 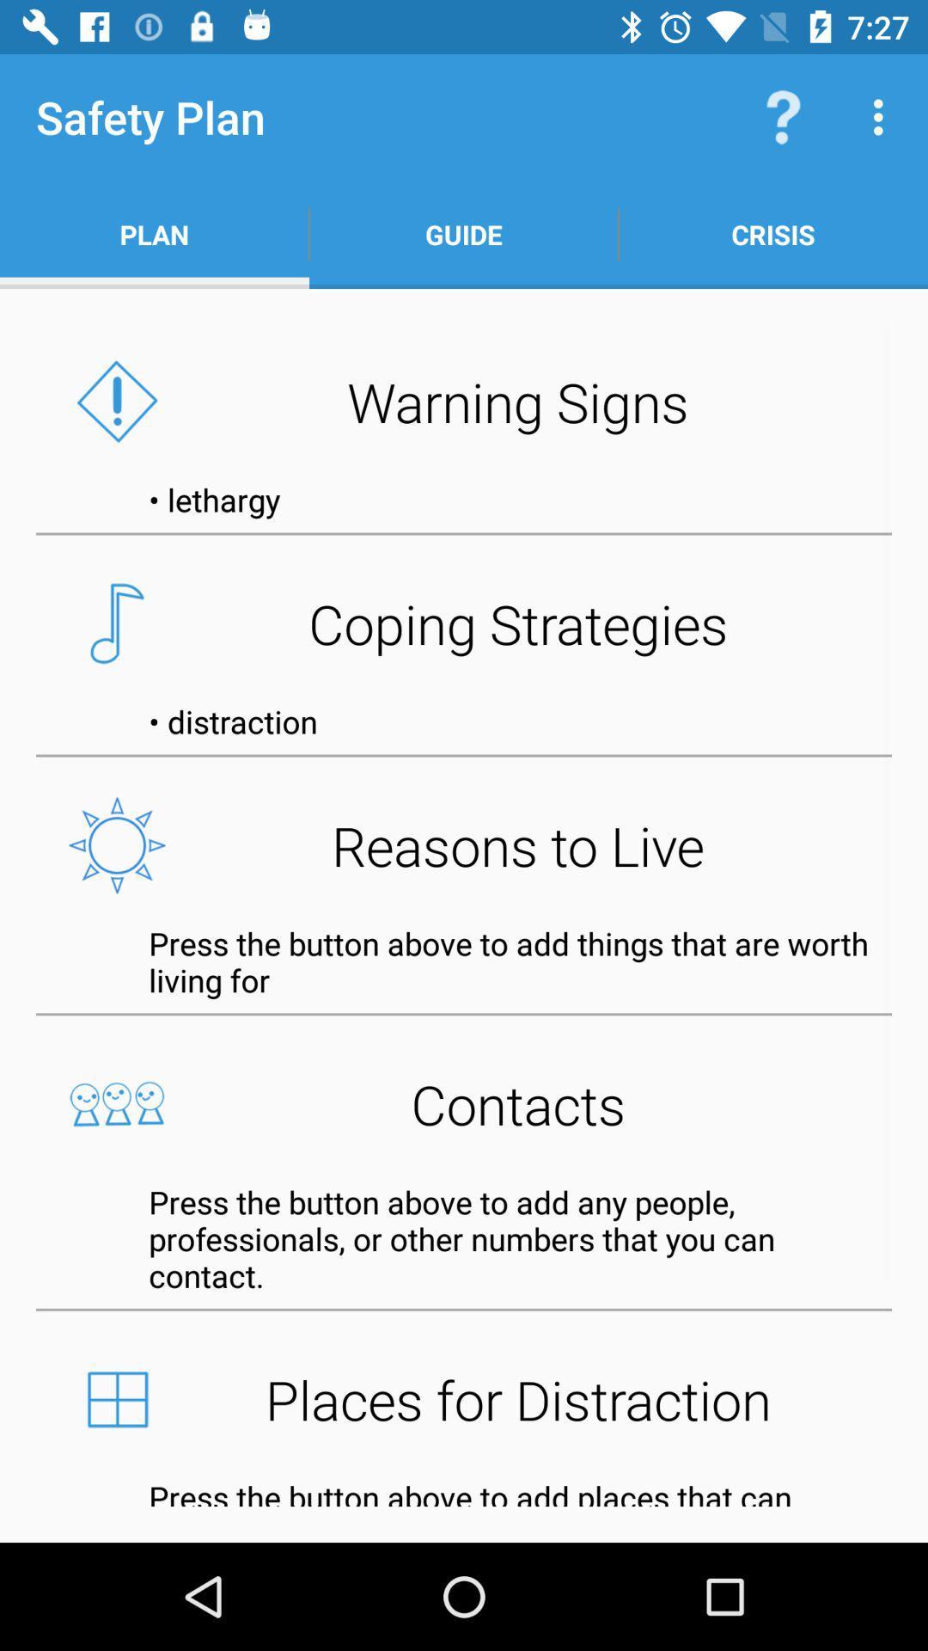 I want to click on contacts, so click(x=464, y=1104).